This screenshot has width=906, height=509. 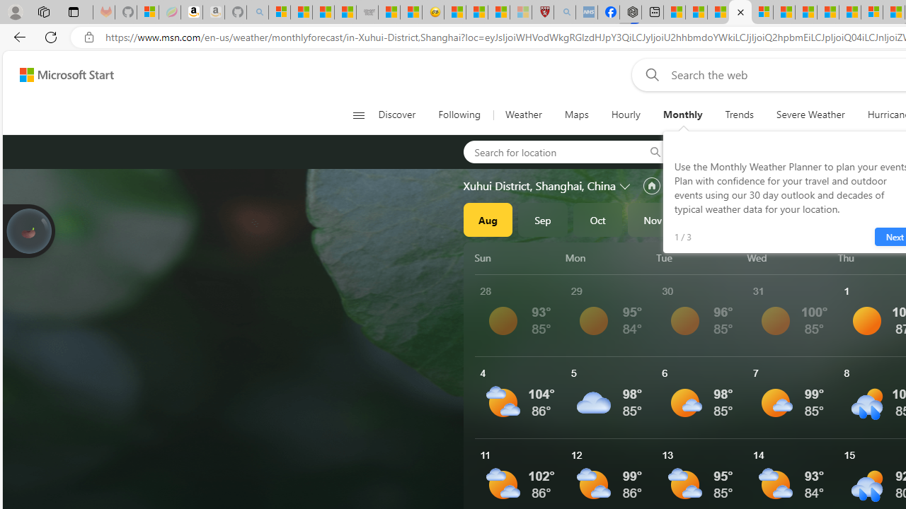 I want to click on '14 Common Myths Debunked By Scientific Facts', so click(x=827, y=12).